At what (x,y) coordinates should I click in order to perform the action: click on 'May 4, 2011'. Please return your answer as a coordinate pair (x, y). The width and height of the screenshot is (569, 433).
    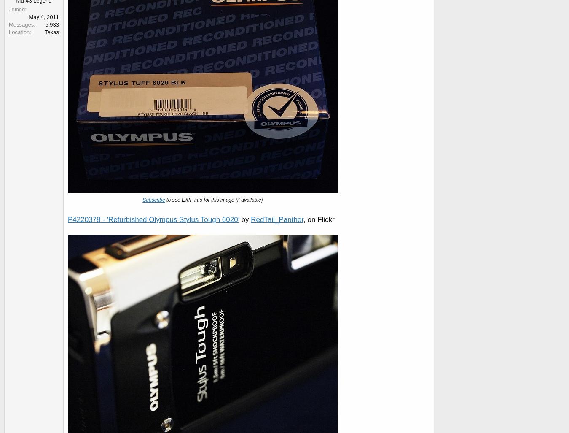
    Looking at the image, I should click on (43, 17).